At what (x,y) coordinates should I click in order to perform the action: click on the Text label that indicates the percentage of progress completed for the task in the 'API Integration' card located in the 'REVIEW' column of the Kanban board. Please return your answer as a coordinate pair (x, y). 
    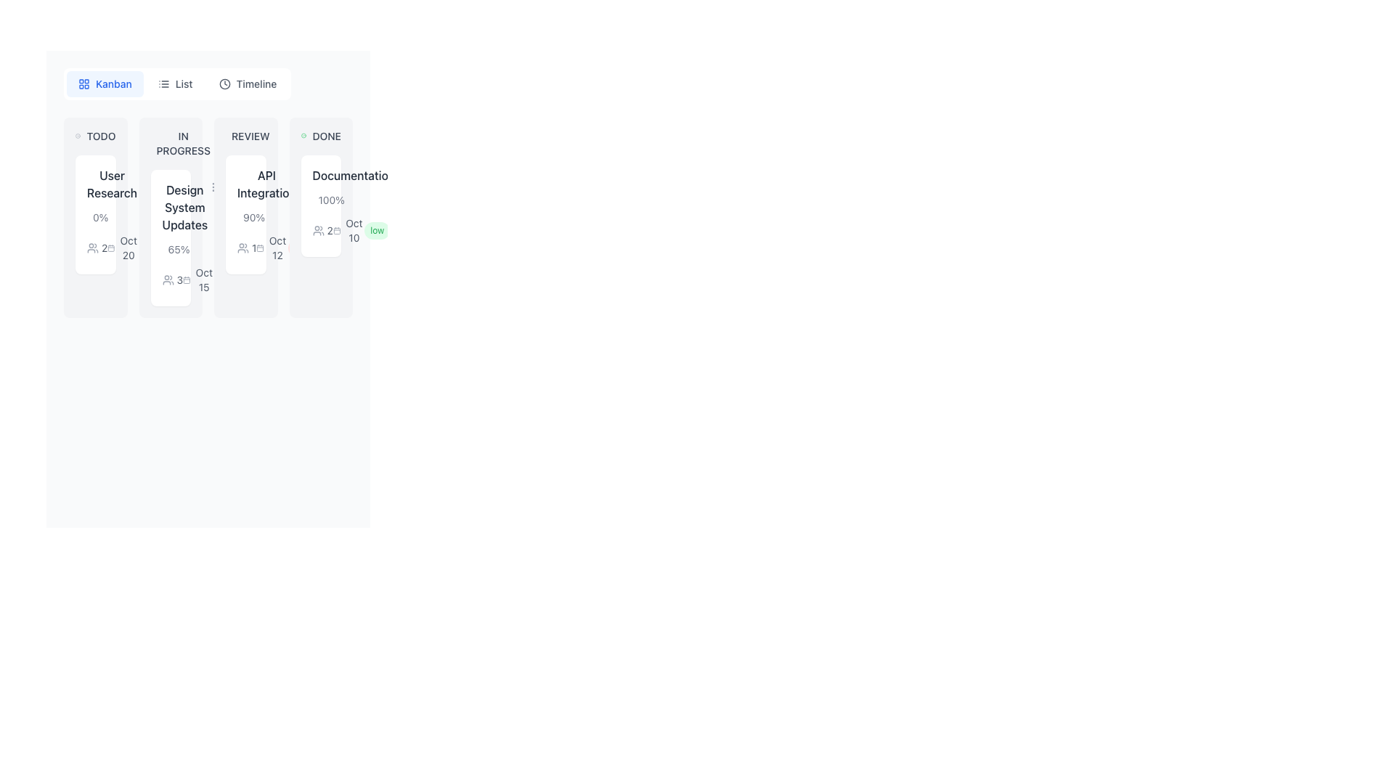
    Looking at the image, I should click on (254, 218).